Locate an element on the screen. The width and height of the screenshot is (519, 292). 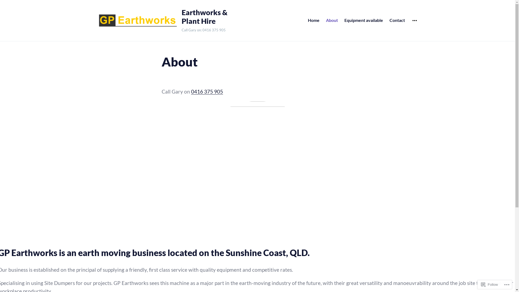
'Equipment available' is located at coordinates (364, 20).